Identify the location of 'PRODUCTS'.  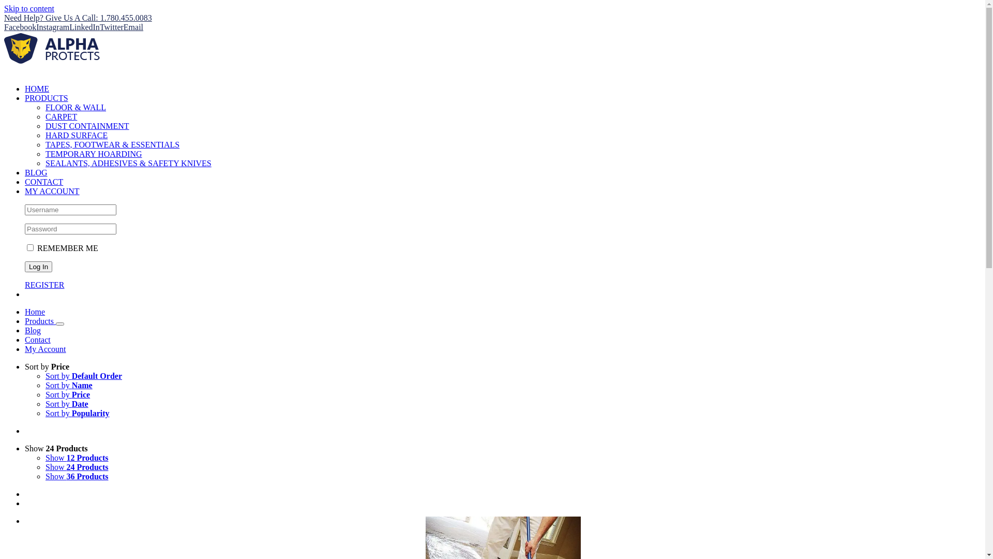
(46, 98).